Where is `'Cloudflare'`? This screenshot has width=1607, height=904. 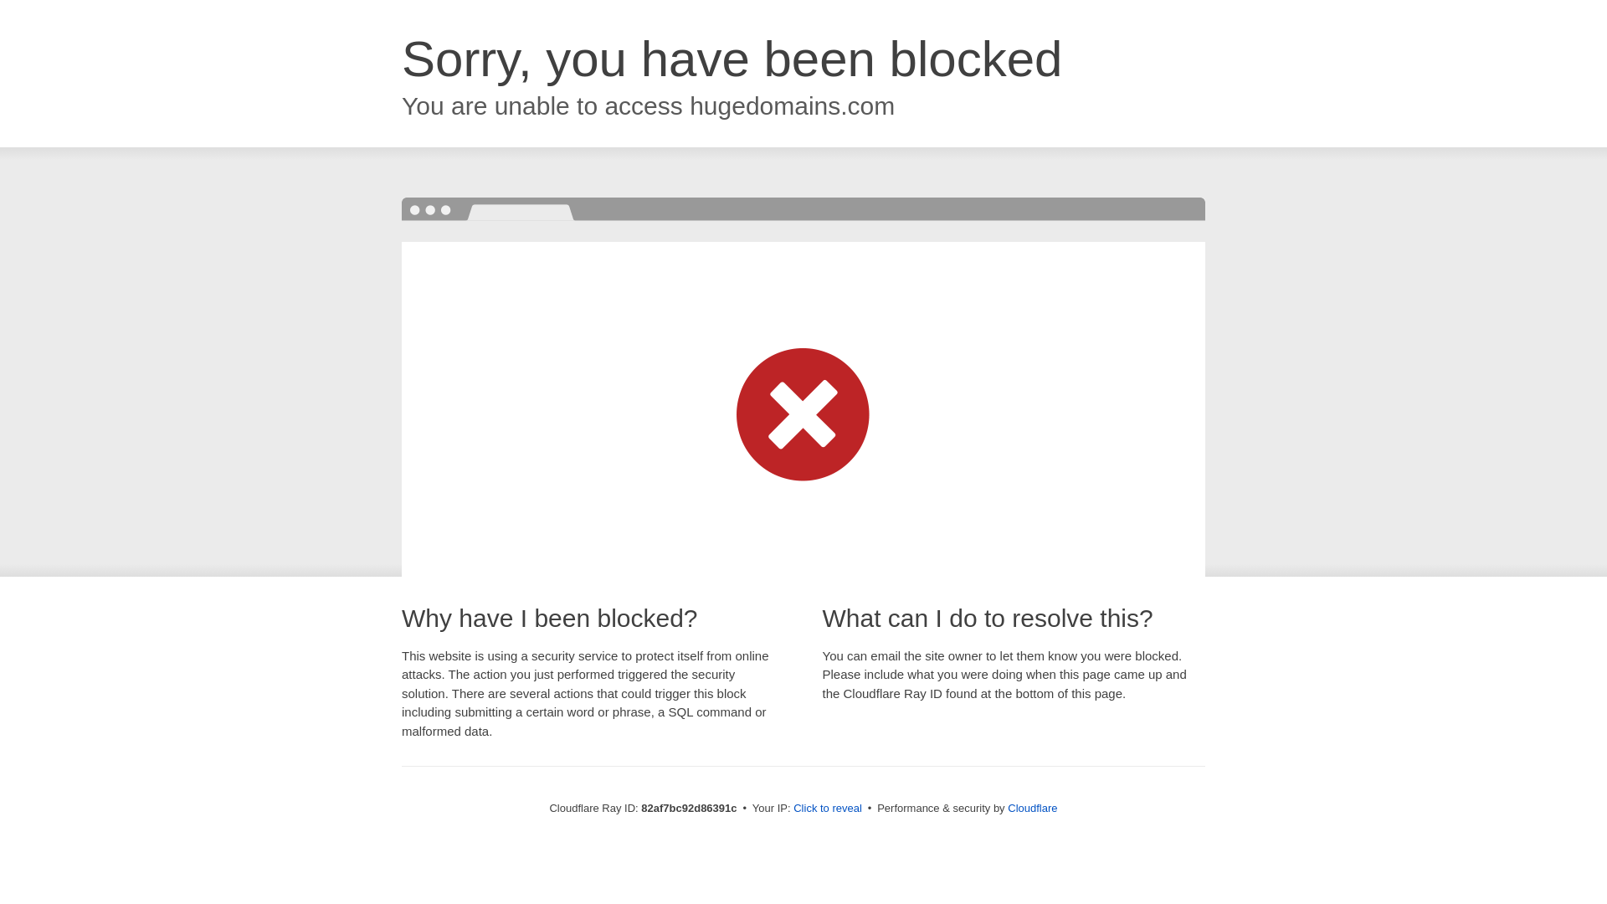 'Cloudflare' is located at coordinates (1007, 807).